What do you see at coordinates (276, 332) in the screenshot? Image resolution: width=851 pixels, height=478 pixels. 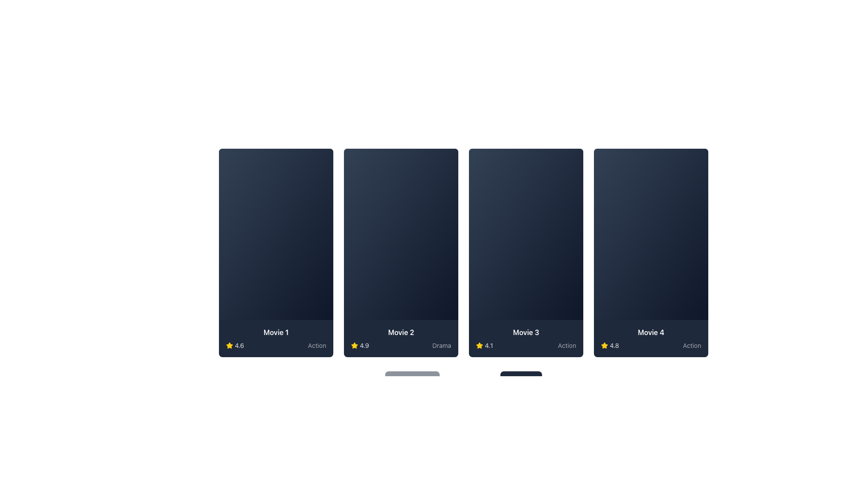 I see `the text label displaying 'Movie 1' in bold white font located at the top center of the bottom section of the first card` at bounding box center [276, 332].